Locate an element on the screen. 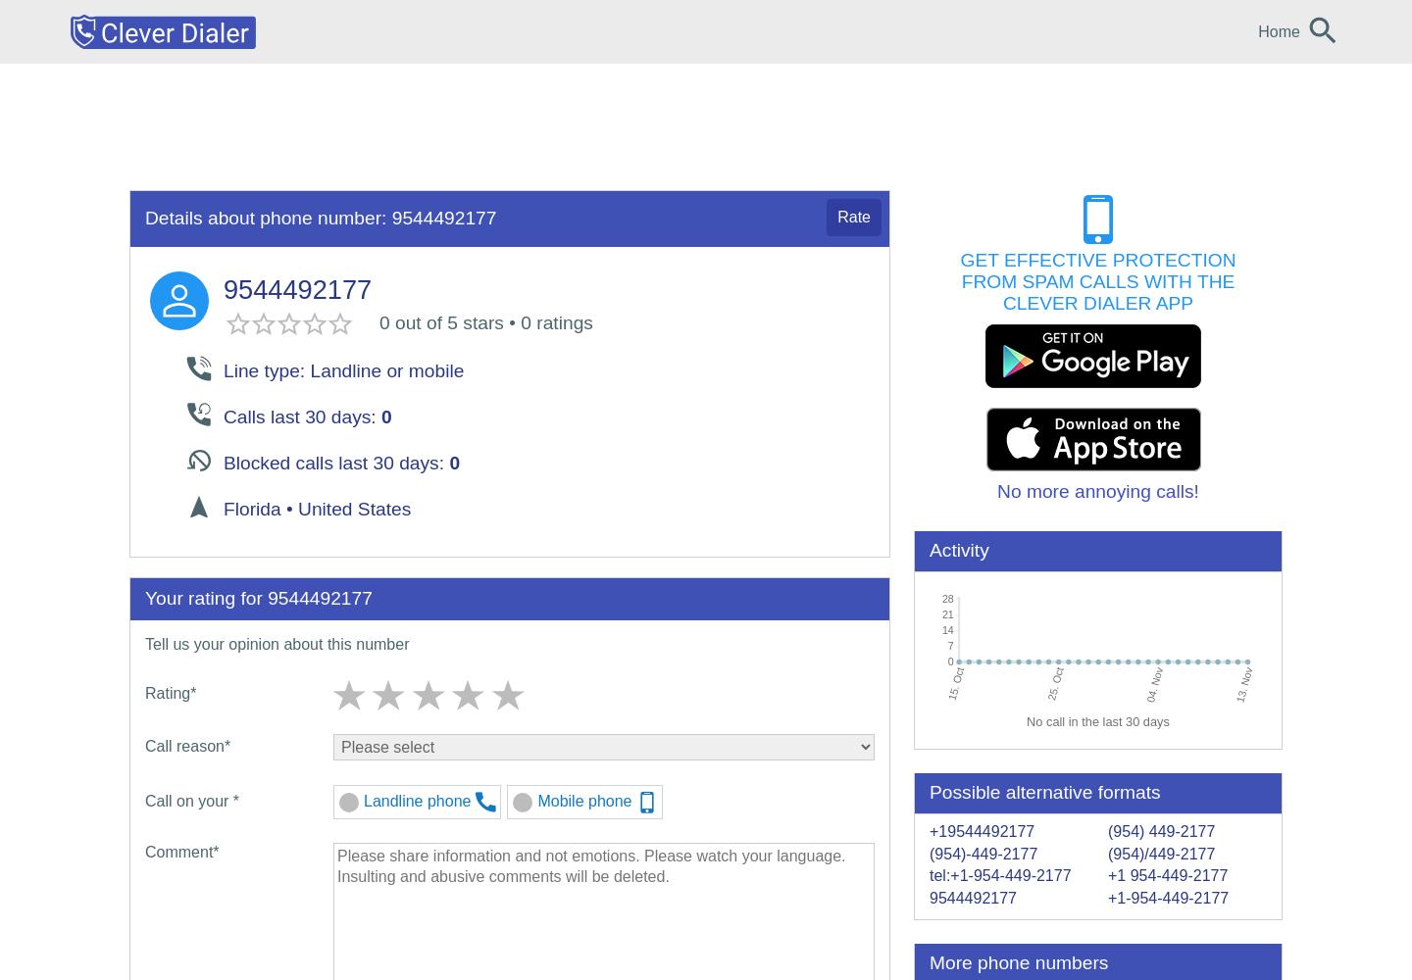 The image size is (1412, 980). '• 0 ratings' is located at coordinates (547, 320).